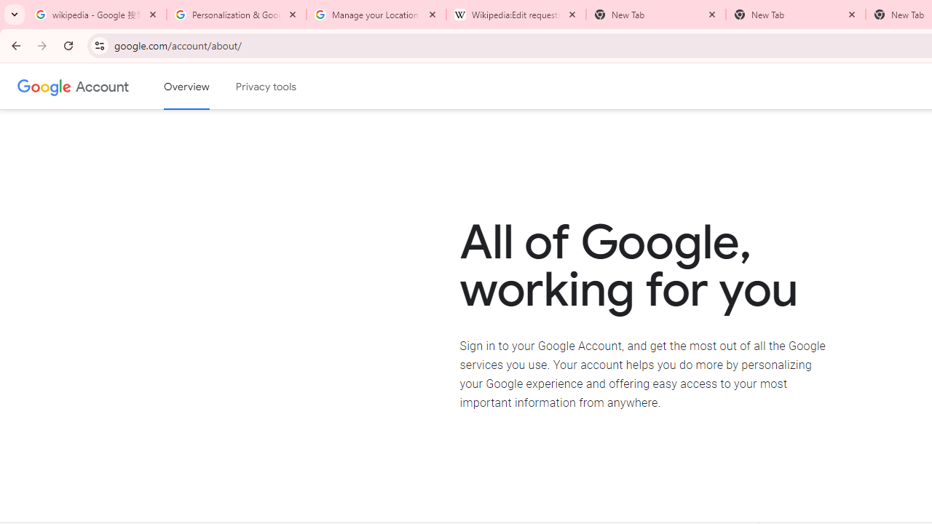  What do you see at coordinates (101, 86) in the screenshot?
I see `'Google Account'` at bounding box center [101, 86].